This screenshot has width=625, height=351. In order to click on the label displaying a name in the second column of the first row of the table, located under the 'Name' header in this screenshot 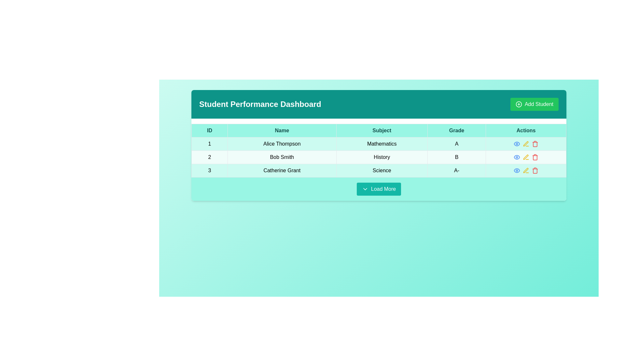, I will do `click(282, 144)`.